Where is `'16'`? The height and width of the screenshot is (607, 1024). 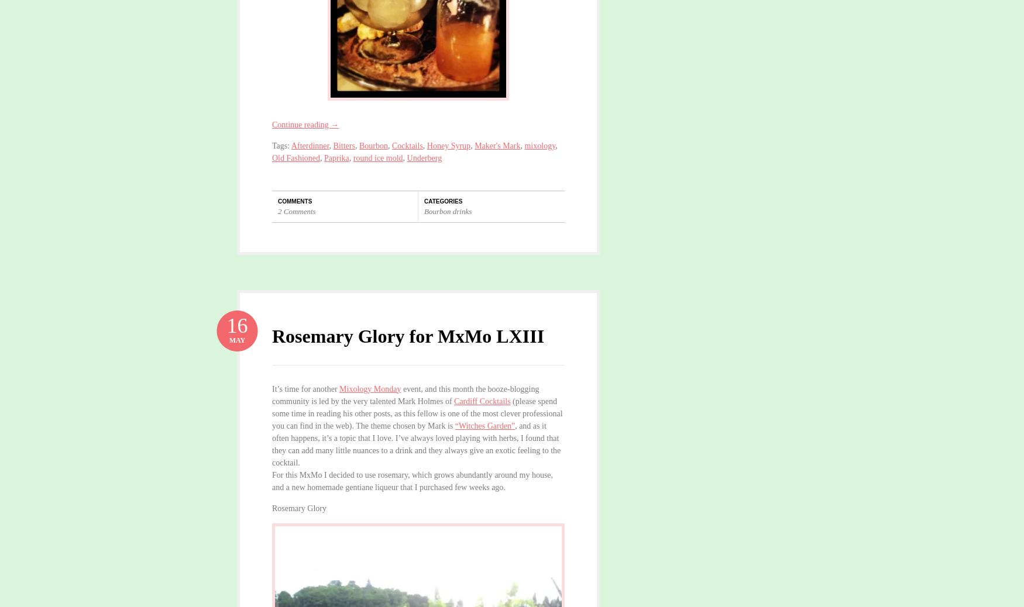
'16' is located at coordinates (236, 324).